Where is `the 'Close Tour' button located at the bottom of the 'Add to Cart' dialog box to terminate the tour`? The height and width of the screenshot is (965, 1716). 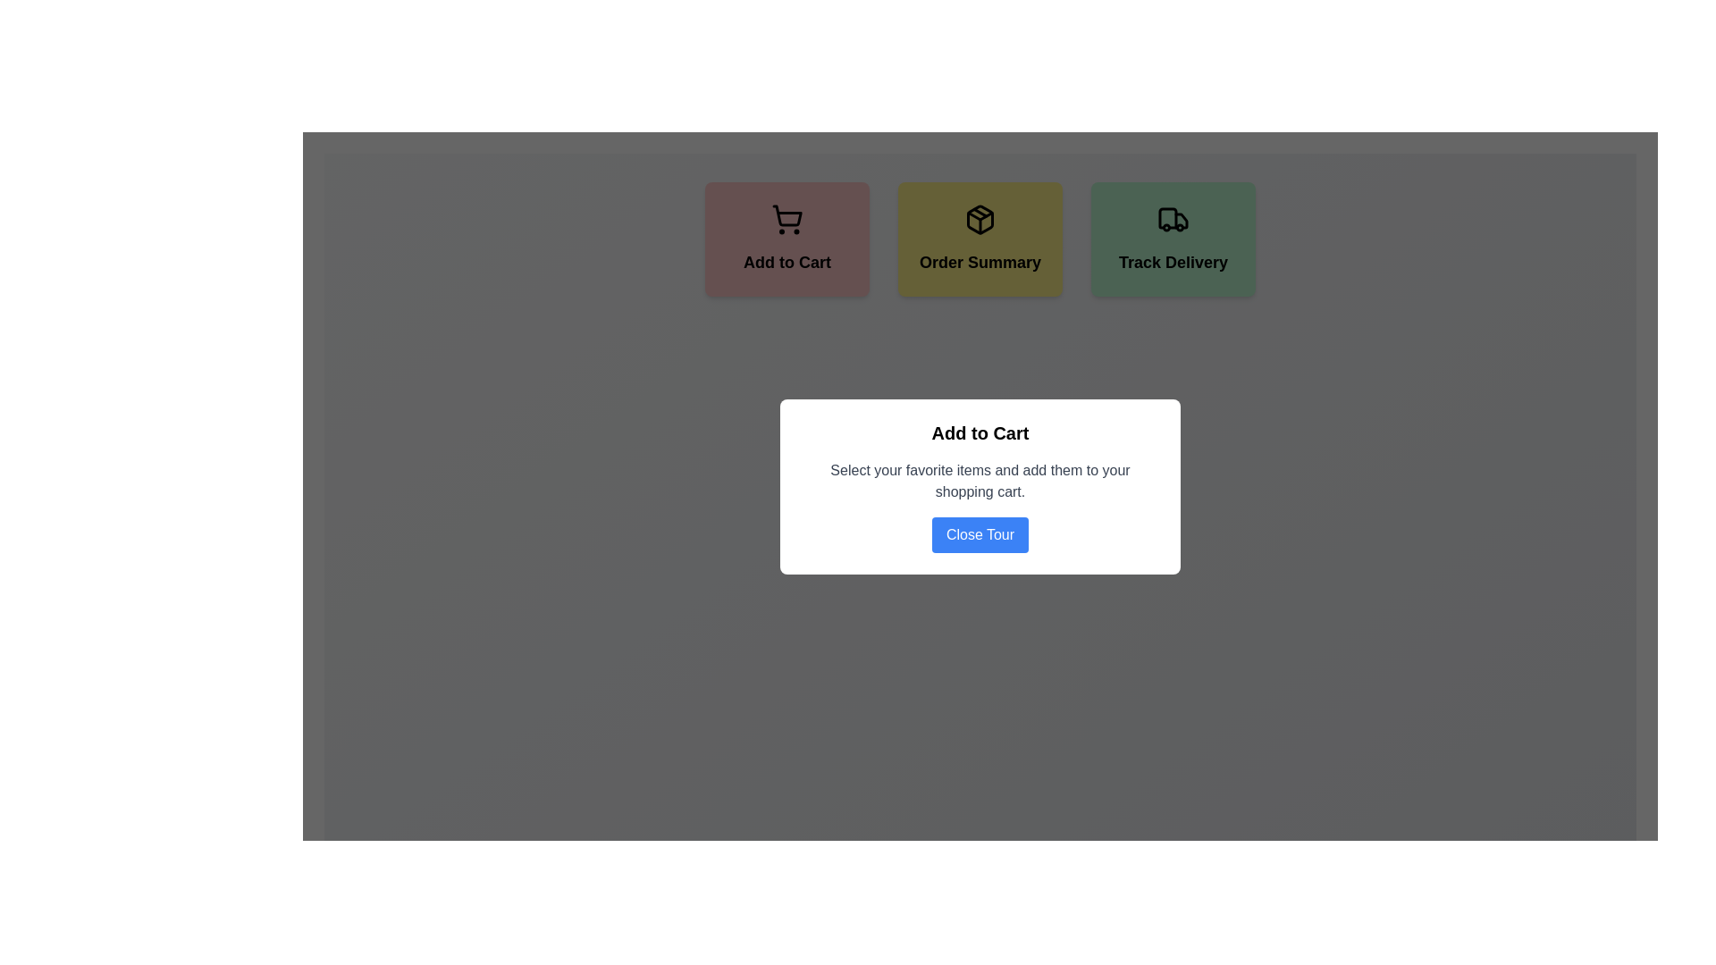
the 'Close Tour' button located at the bottom of the 'Add to Cart' dialog box to terminate the tour is located at coordinates (980, 533).